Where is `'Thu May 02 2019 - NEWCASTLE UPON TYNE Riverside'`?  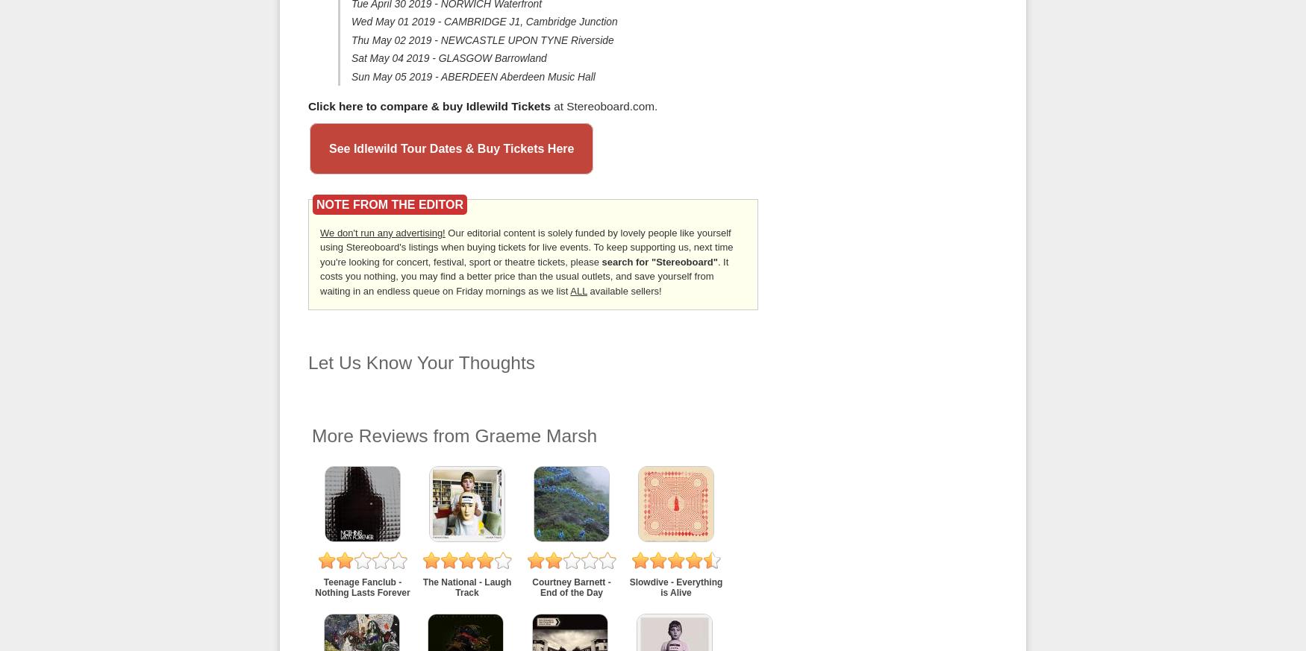 'Thu May 02 2019 - NEWCASTLE UPON TYNE Riverside' is located at coordinates (351, 38).